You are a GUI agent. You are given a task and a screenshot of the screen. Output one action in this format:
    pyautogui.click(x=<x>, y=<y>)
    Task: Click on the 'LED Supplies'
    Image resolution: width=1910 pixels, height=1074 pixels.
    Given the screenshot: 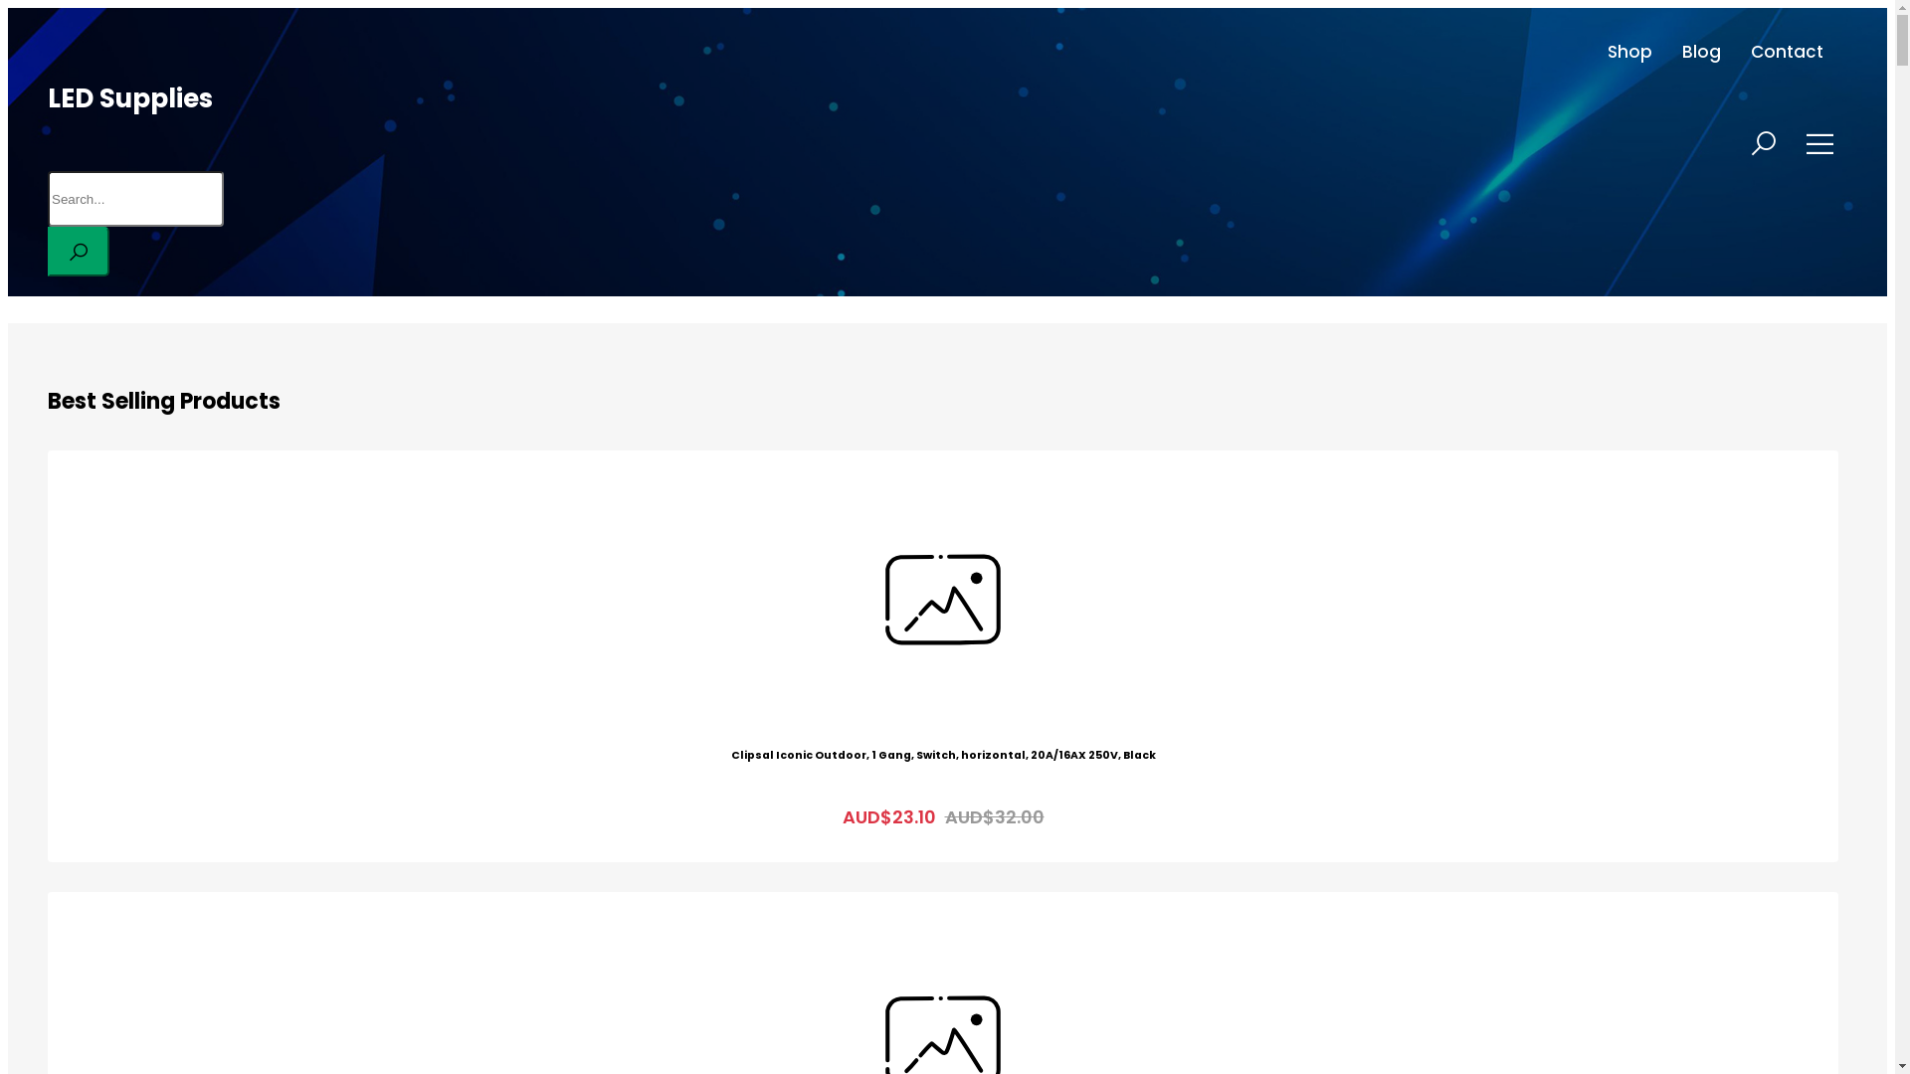 What is the action you would take?
    pyautogui.click(x=48, y=98)
    